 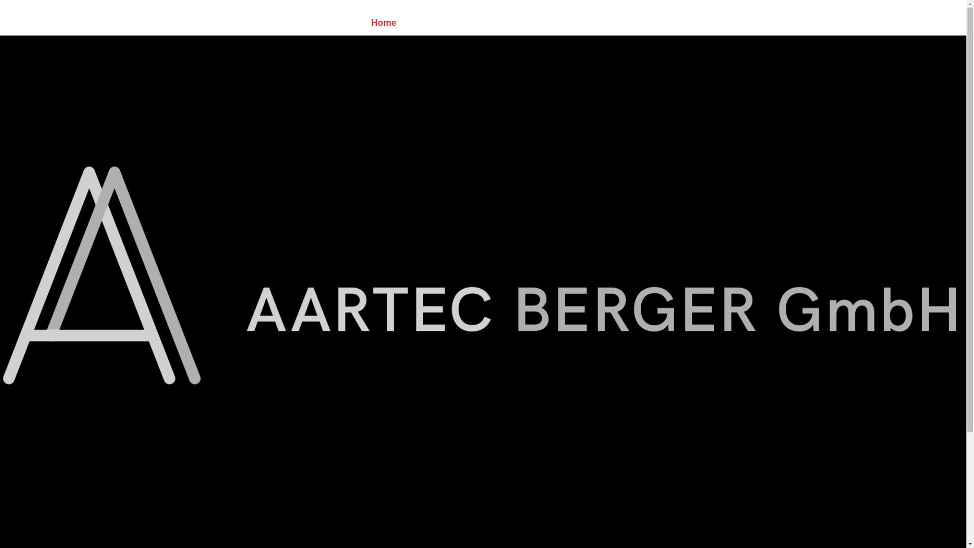 What do you see at coordinates (387, 23) in the screenshot?
I see `'Home'` at bounding box center [387, 23].